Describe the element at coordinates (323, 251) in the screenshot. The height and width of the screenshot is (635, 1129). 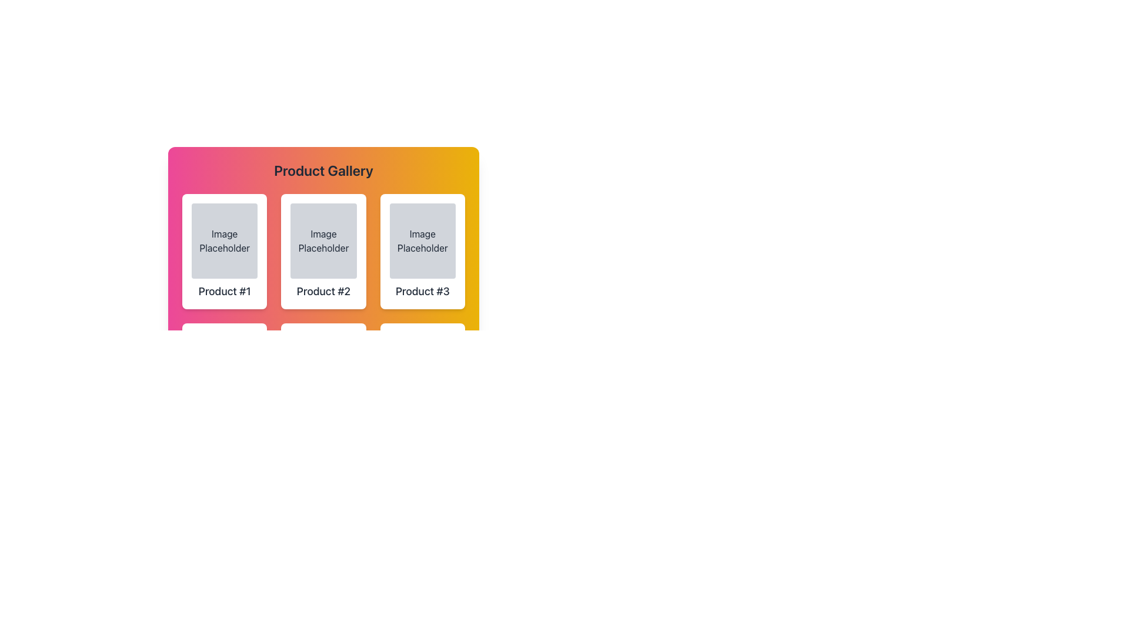
I see `the second product card in the grid layout, positioned in the middle column of the first row` at that location.